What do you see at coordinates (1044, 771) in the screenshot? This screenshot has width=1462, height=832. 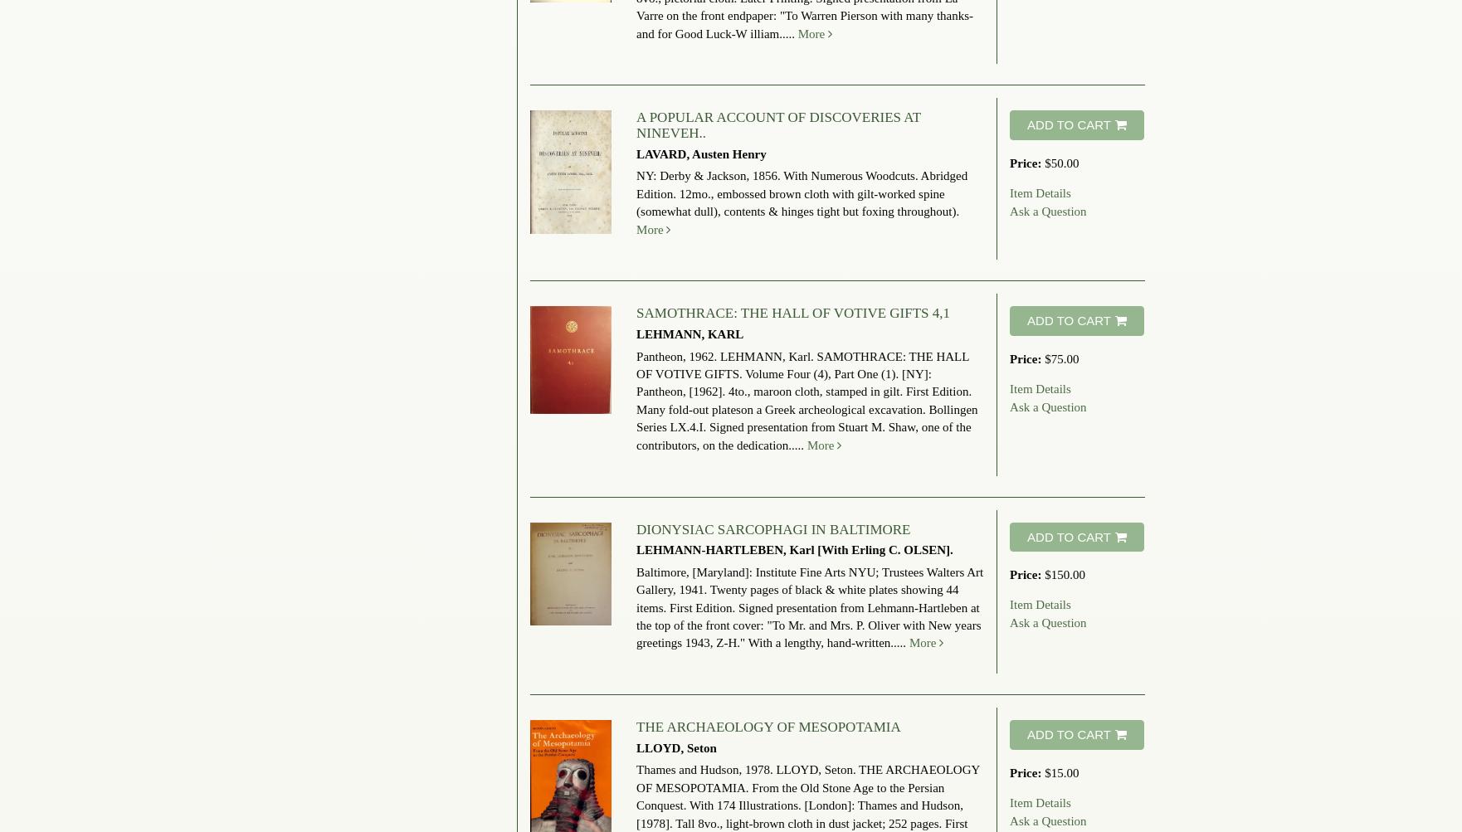 I see `'$15.00'` at bounding box center [1044, 771].